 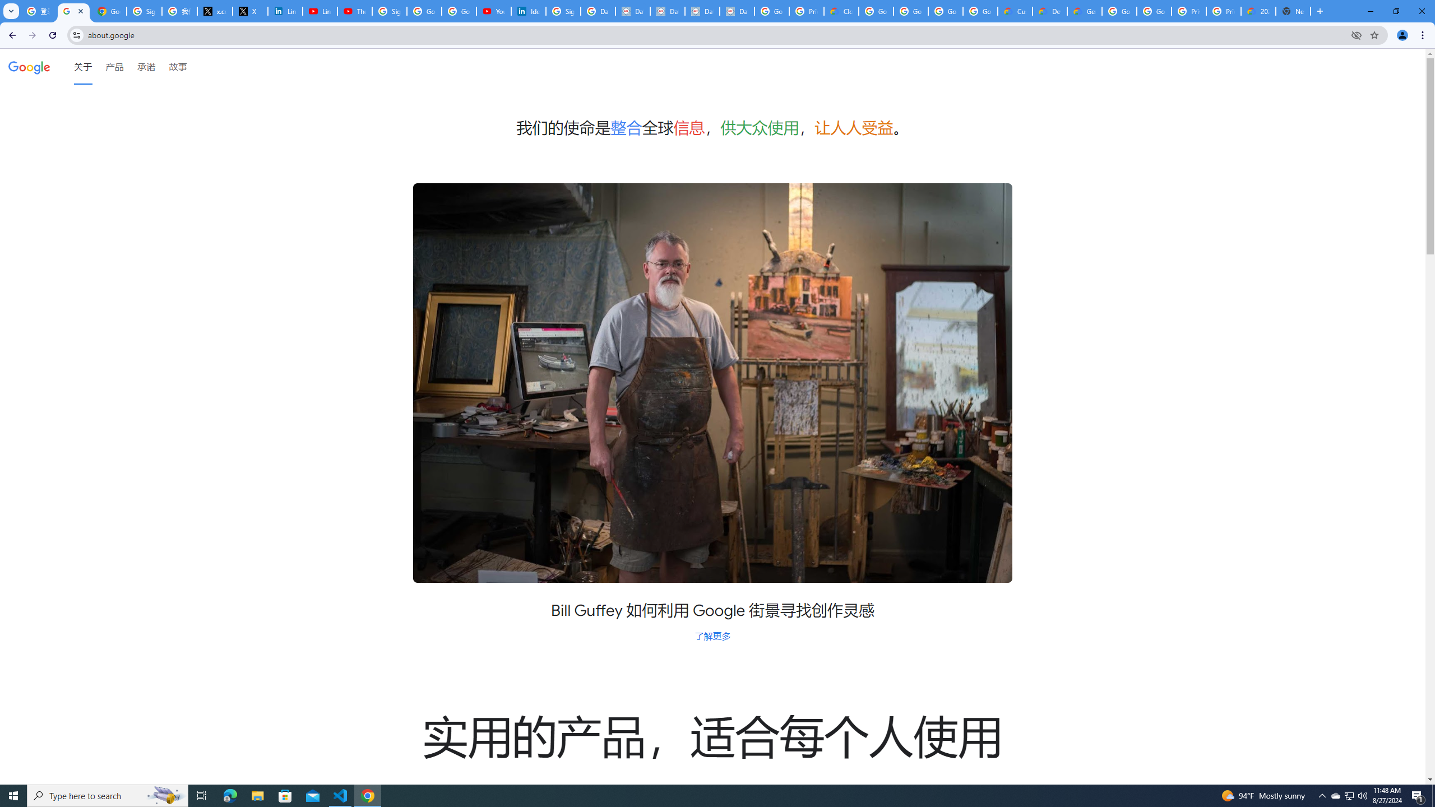 I want to click on 'LinkedIn - YouTube', so click(x=320, y=11).